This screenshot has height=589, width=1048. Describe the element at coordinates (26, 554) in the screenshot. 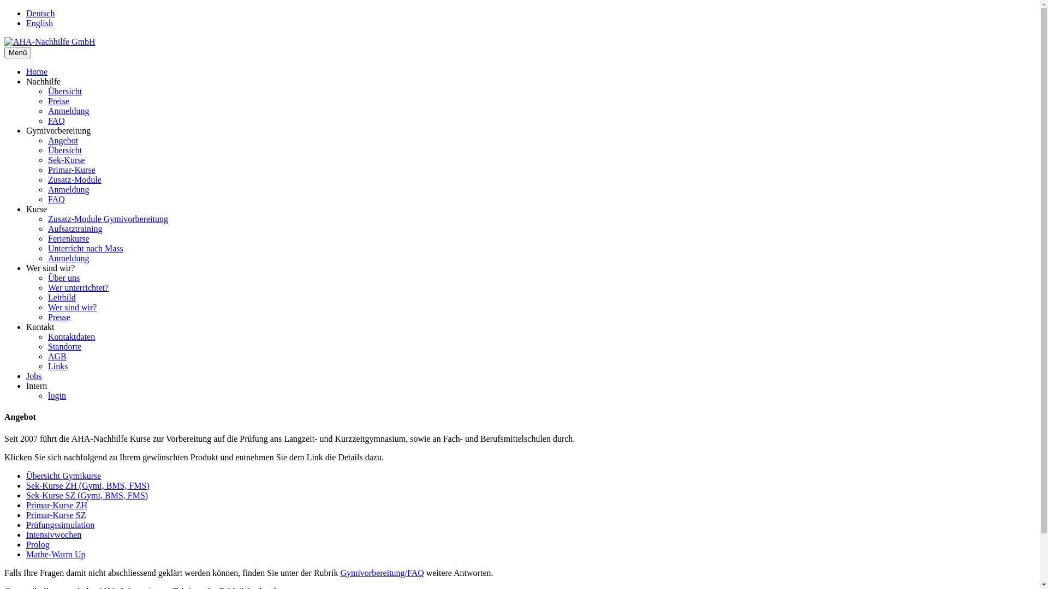

I see `'Mathe-Warm Up'` at that location.